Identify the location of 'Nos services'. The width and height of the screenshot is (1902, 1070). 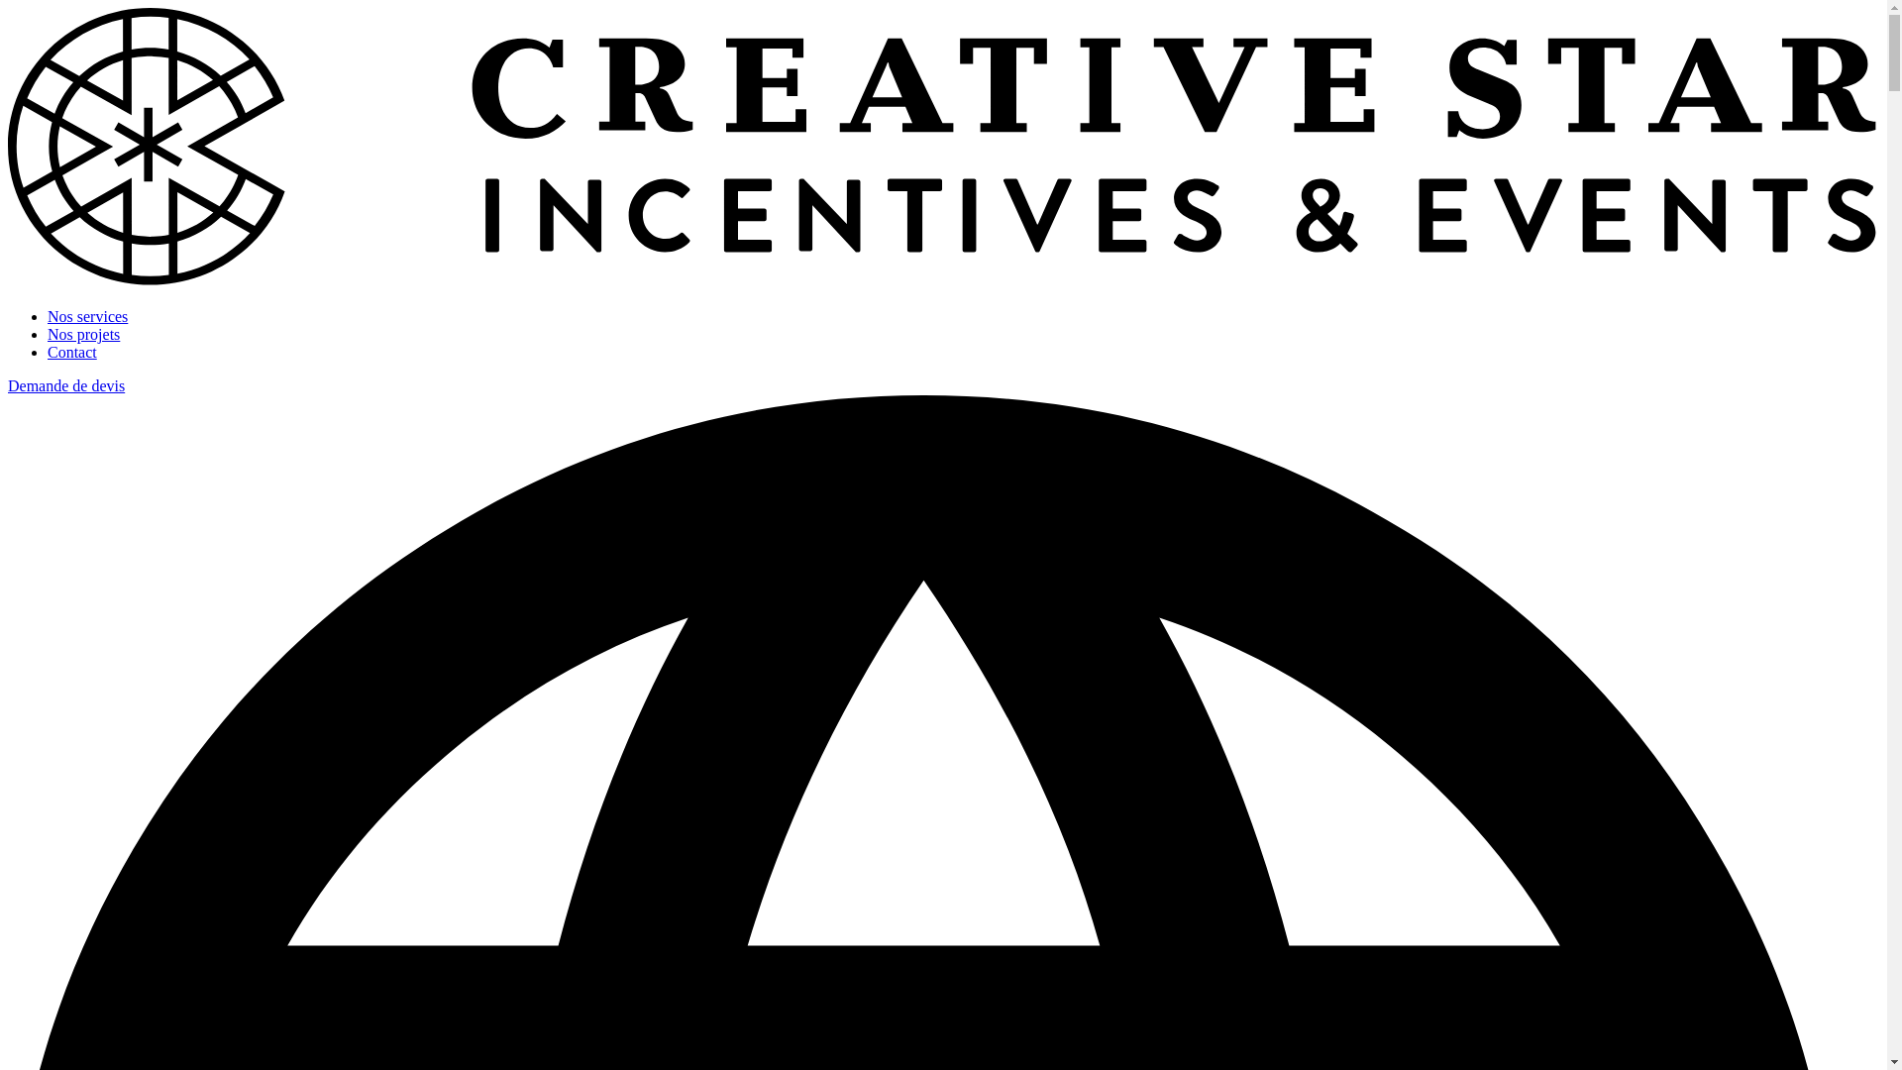
(86, 315).